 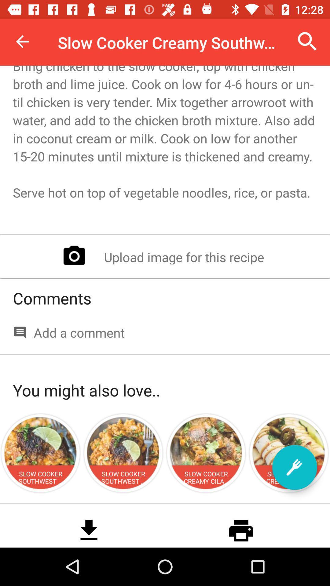 I want to click on the edit icon, so click(x=294, y=467).